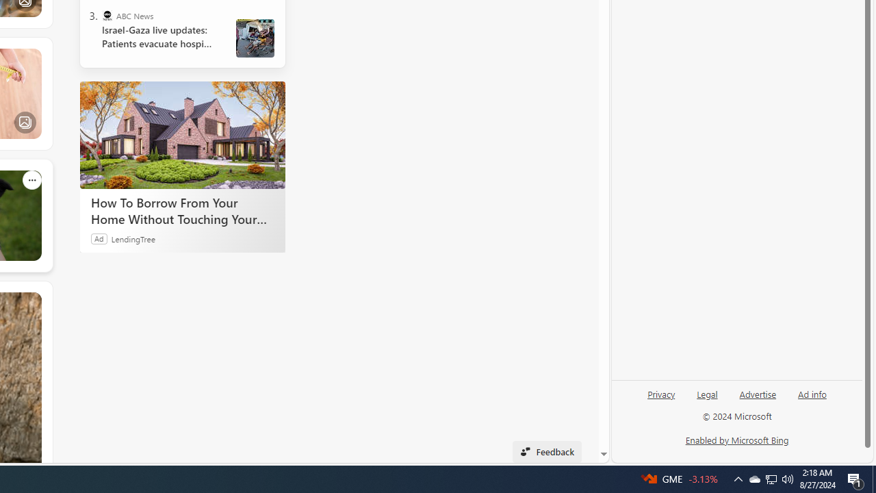 This screenshot has height=493, width=876. Describe the element at coordinates (106, 16) in the screenshot. I see `'ABC News'` at that location.